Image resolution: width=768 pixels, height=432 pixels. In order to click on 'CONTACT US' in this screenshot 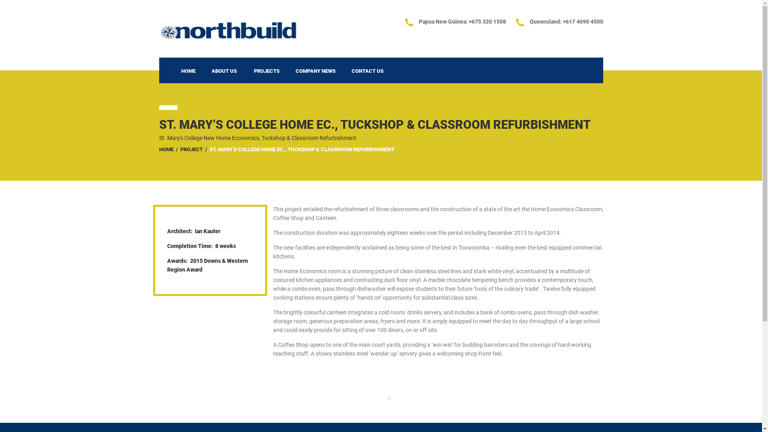, I will do `click(366, 70)`.